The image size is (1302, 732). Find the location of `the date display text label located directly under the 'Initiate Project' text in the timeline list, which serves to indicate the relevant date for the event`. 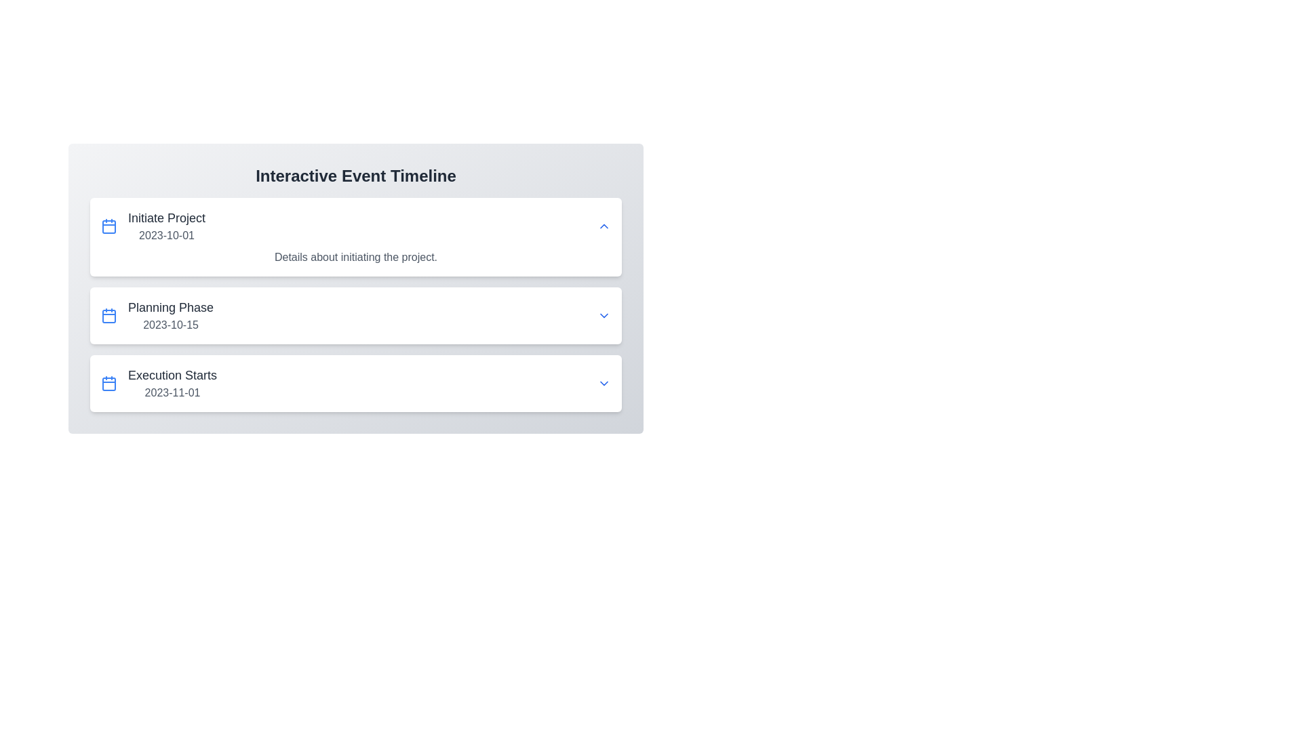

the date display text label located directly under the 'Initiate Project' text in the timeline list, which serves to indicate the relevant date for the event is located at coordinates (165, 235).